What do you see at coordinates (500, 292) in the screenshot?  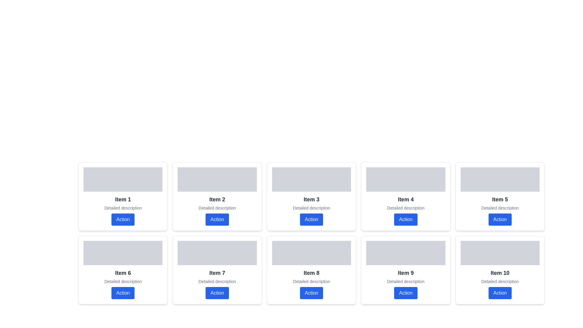 I see `the button located in the 'Item 10' card` at bounding box center [500, 292].